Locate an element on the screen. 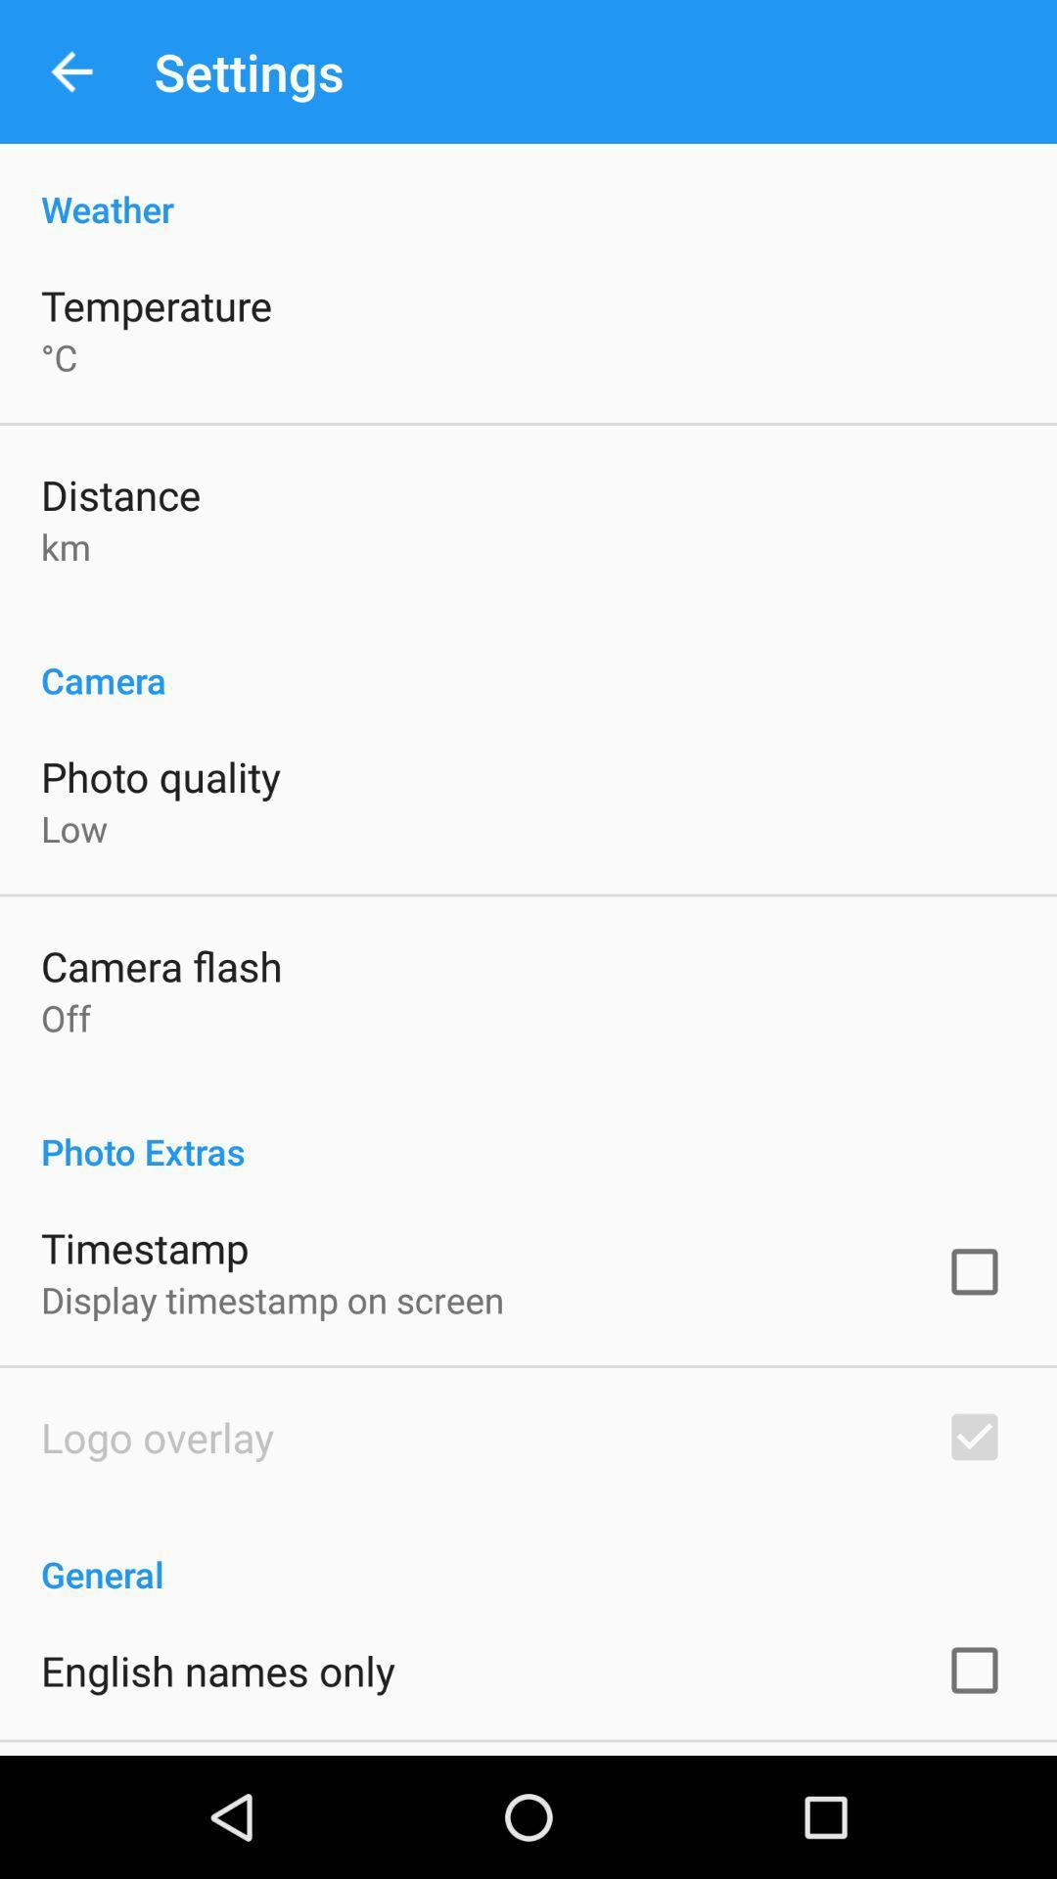 This screenshot has width=1057, height=1879. icon above the distance icon is located at coordinates (58, 357).